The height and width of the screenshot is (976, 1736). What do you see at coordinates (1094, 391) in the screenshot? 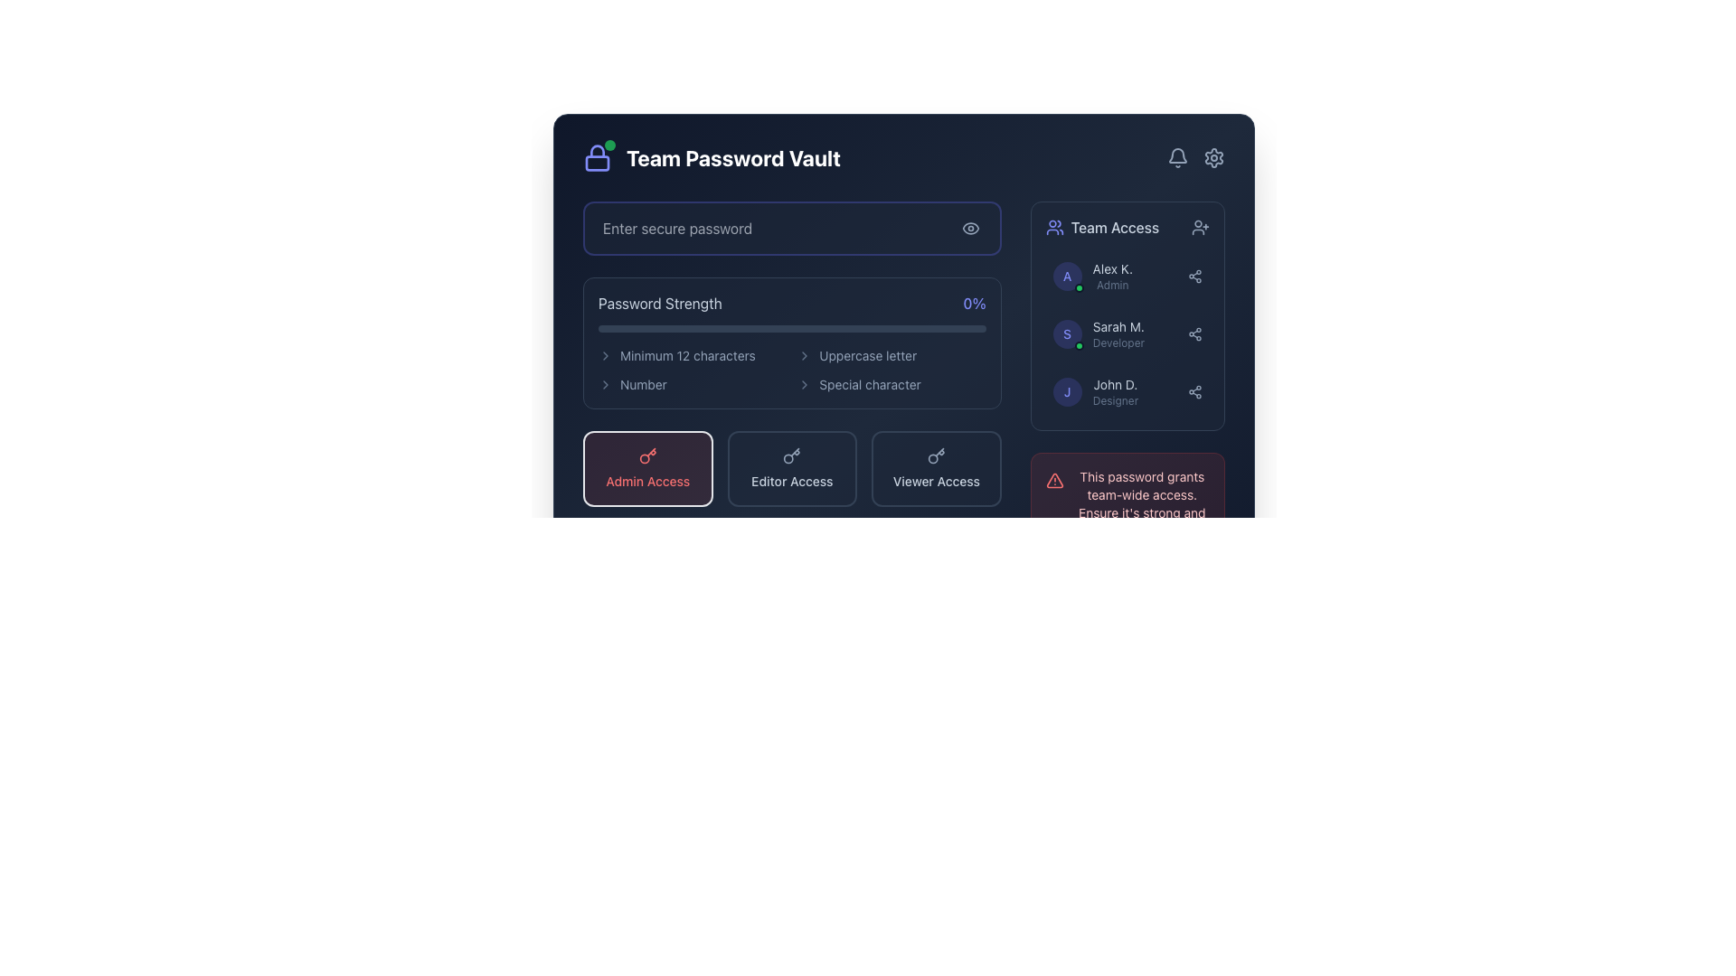
I see `the third list item that displays a team member's profile details` at bounding box center [1094, 391].